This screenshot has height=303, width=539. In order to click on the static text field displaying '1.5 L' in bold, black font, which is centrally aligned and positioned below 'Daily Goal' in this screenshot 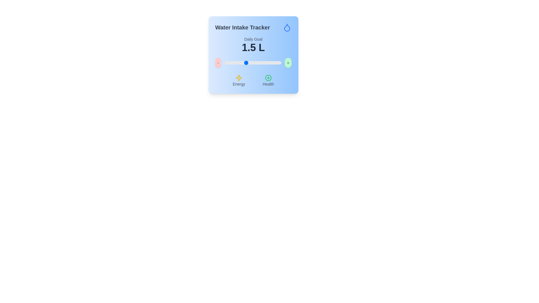, I will do `click(253, 47)`.